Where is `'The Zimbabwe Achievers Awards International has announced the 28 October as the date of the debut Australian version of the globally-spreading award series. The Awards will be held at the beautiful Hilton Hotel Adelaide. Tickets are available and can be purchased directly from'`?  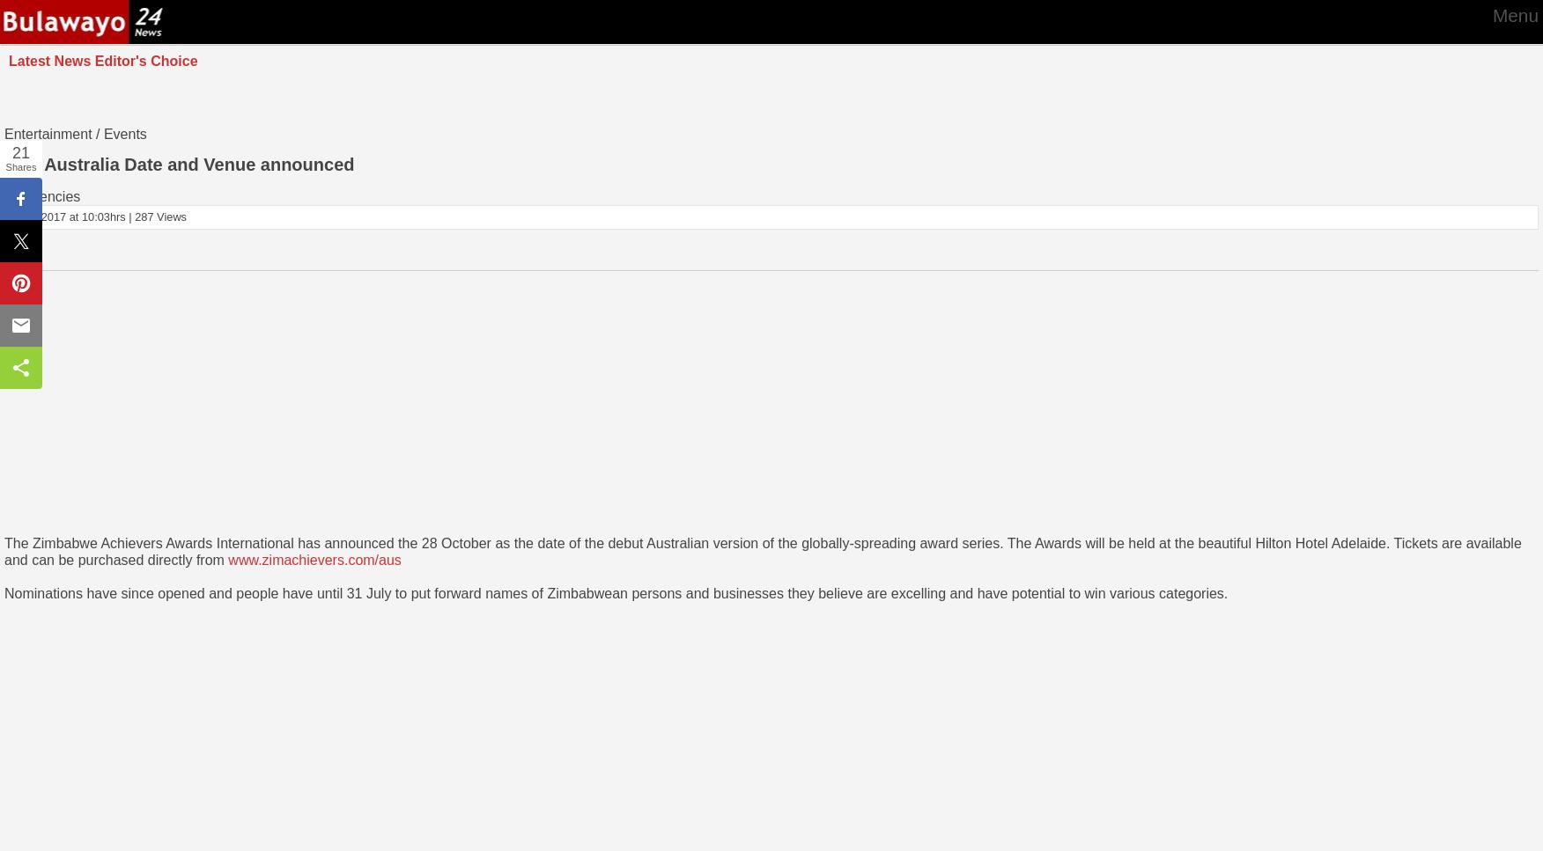 'The Zimbabwe Achievers Awards International has announced the 28 October as the date of the debut Australian version of the globally-spreading award series. The Awards will be held at the beautiful Hilton Hotel Adelaide. Tickets are available and can be purchased directly from' is located at coordinates (4, 551).